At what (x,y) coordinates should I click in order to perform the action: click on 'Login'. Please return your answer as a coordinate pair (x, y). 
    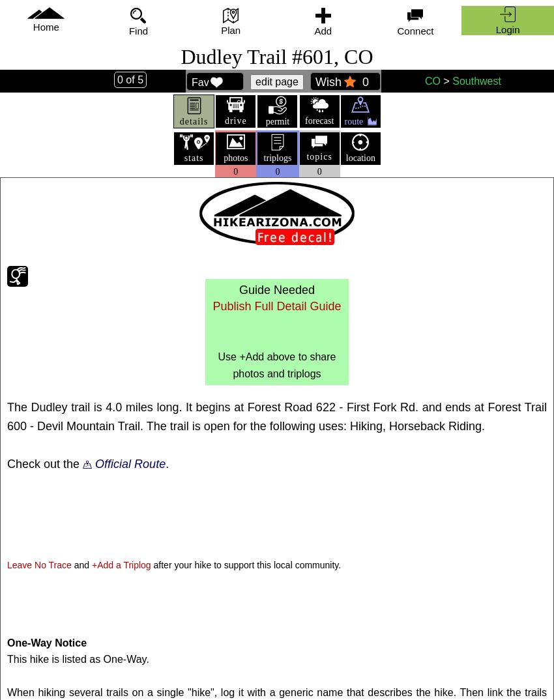
    Looking at the image, I should click on (495, 28).